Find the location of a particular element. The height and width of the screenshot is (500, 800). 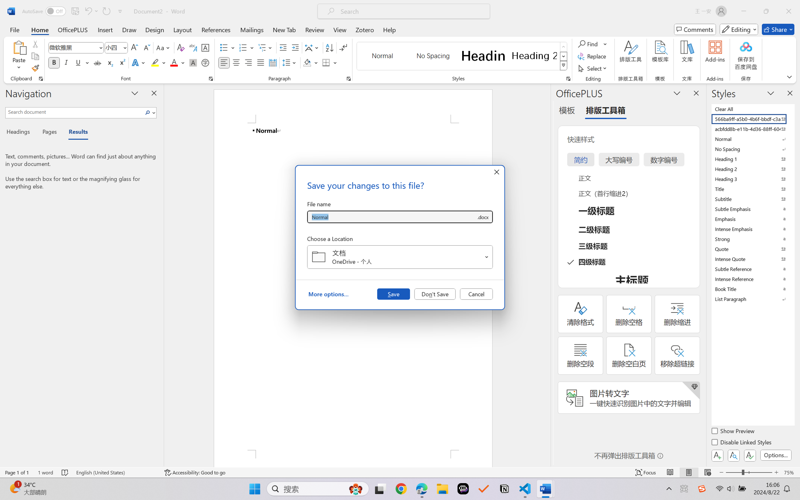

'Minimize' is located at coordinates (744, 11).